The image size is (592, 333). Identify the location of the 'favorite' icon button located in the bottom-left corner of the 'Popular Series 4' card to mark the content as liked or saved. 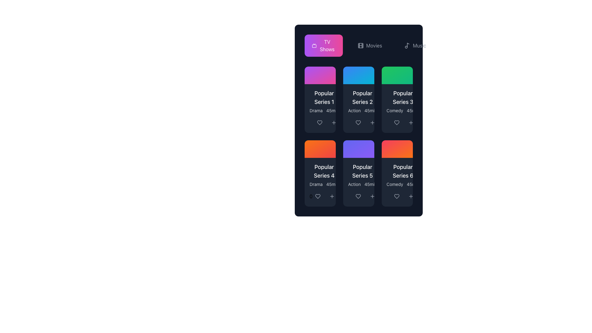
(318, 196).